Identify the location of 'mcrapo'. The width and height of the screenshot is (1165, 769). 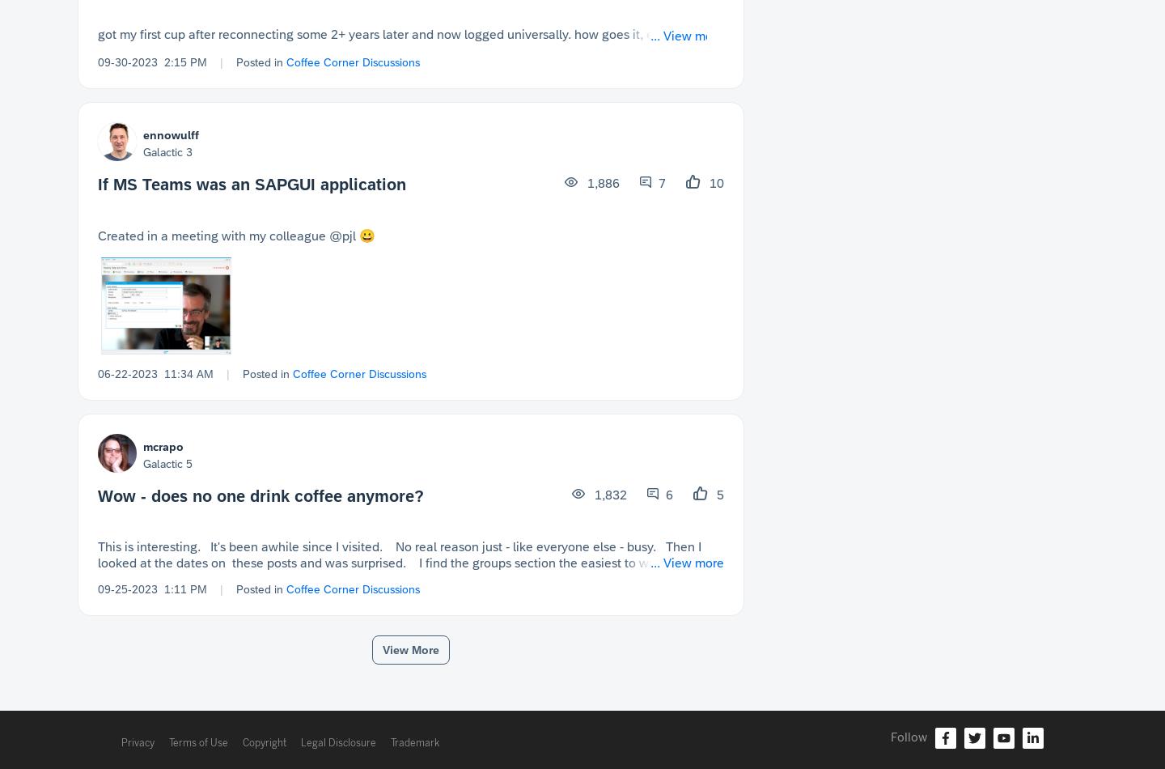
(163, 446).